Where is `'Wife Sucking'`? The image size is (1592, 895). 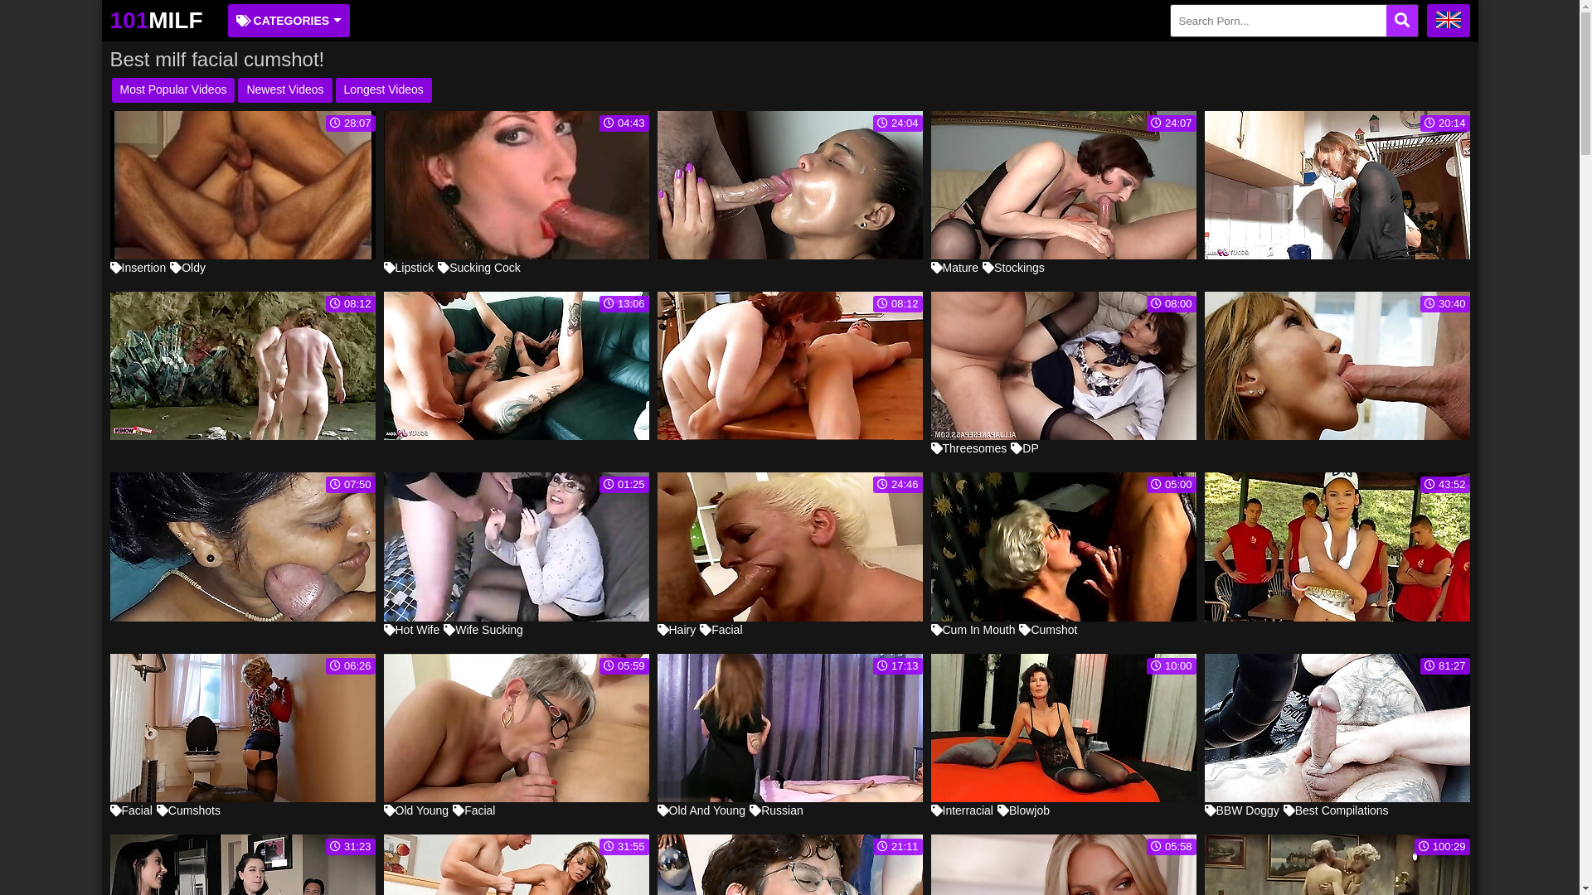 'Wife Sucking' is located at coordinates (443, 629).